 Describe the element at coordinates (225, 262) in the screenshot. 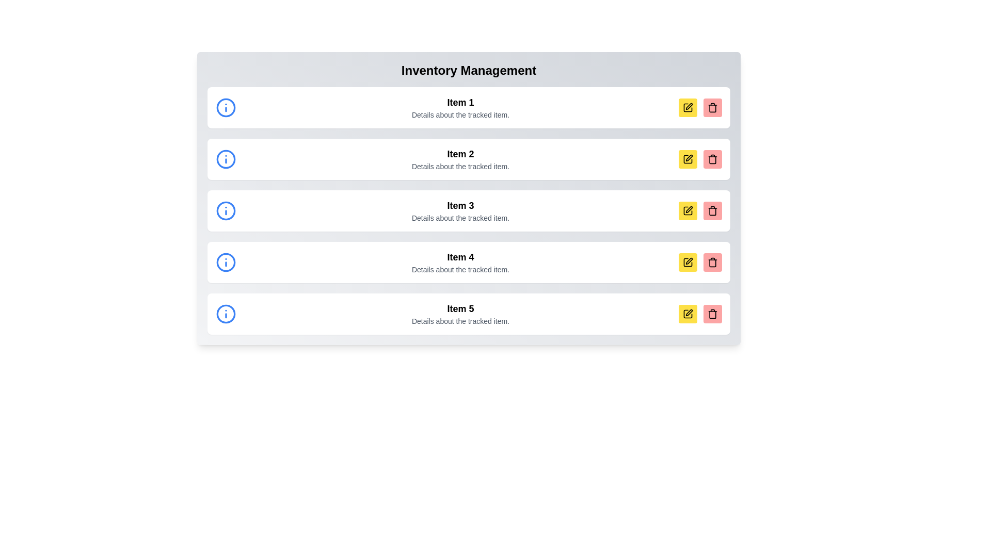

I see `the circular portion of the 'i' icon in the fourth row of the list, which serves as a decorative element indicating information` at that location.